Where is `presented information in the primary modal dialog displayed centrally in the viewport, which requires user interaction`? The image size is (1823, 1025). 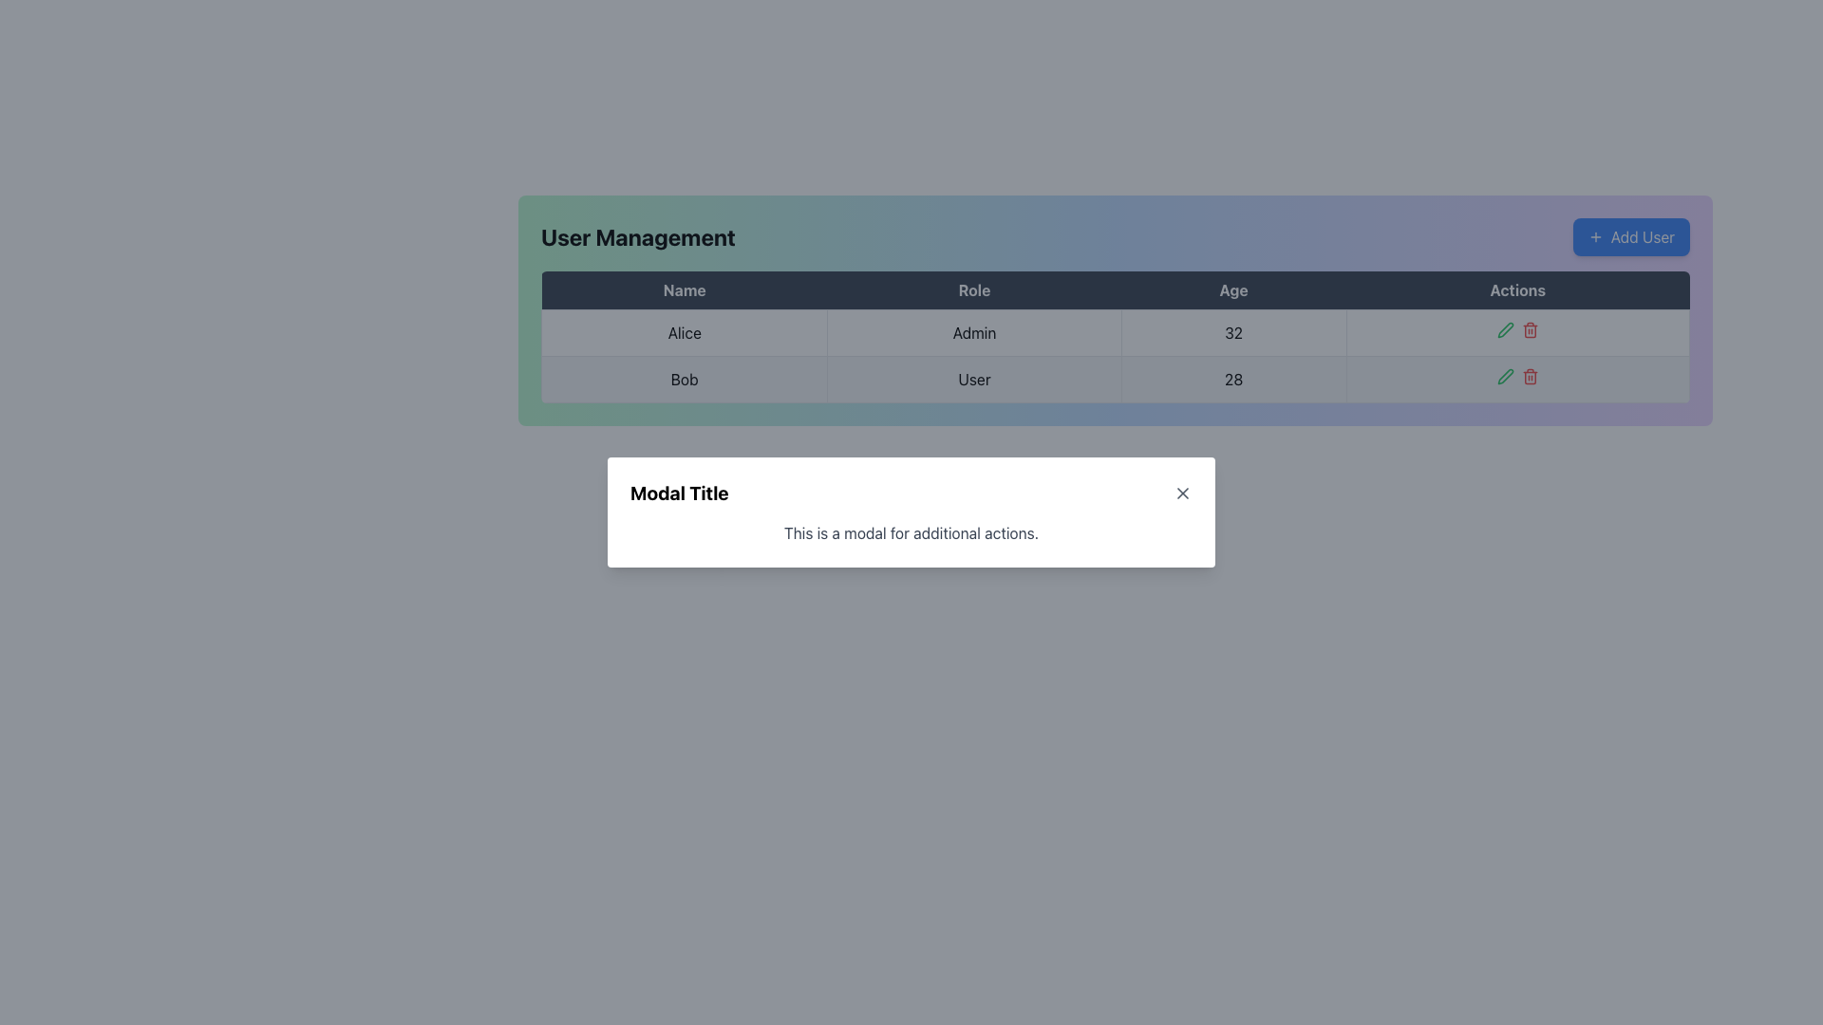 presented information in the primary modal dialog displayed centrally in the viewport, which requires user interaction is located at coordinates (911, 512).